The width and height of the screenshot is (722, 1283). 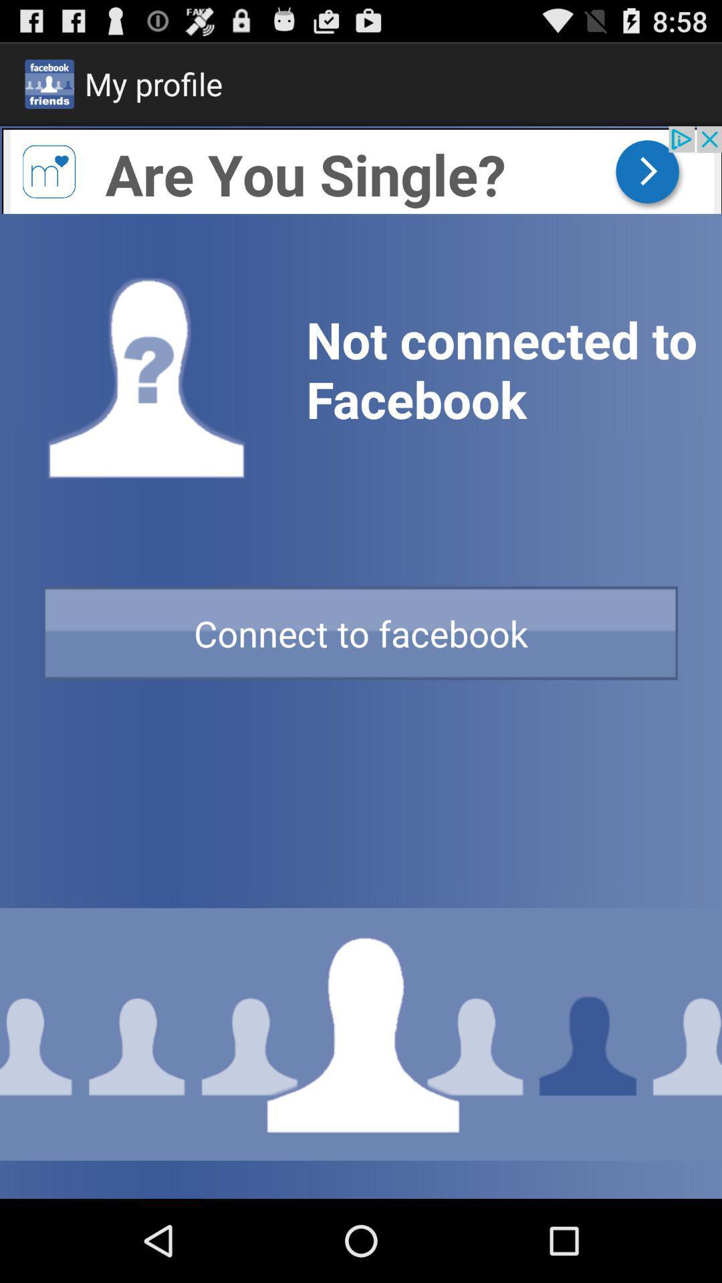 What do you see at coordinates (361, 169) in the screenshot?
I see `advertise banner` at bounding box center [361, 169].